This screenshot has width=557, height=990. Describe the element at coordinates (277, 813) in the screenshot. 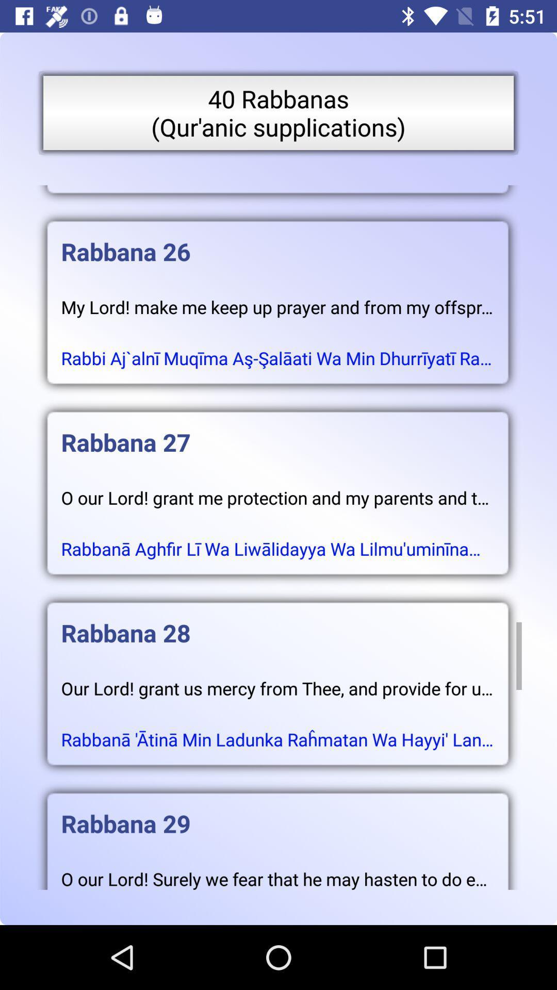

I see `the rabbana 29 item` at that location.